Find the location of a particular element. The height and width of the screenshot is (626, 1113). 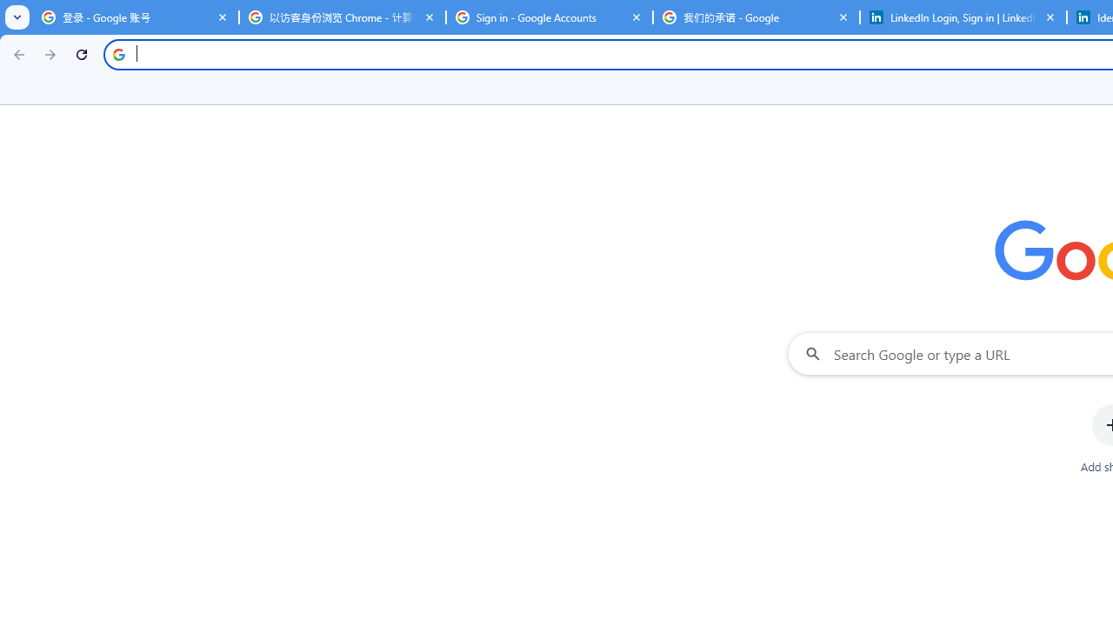

'Sign in - Google Accounts' is located at coordinates (549, 17).